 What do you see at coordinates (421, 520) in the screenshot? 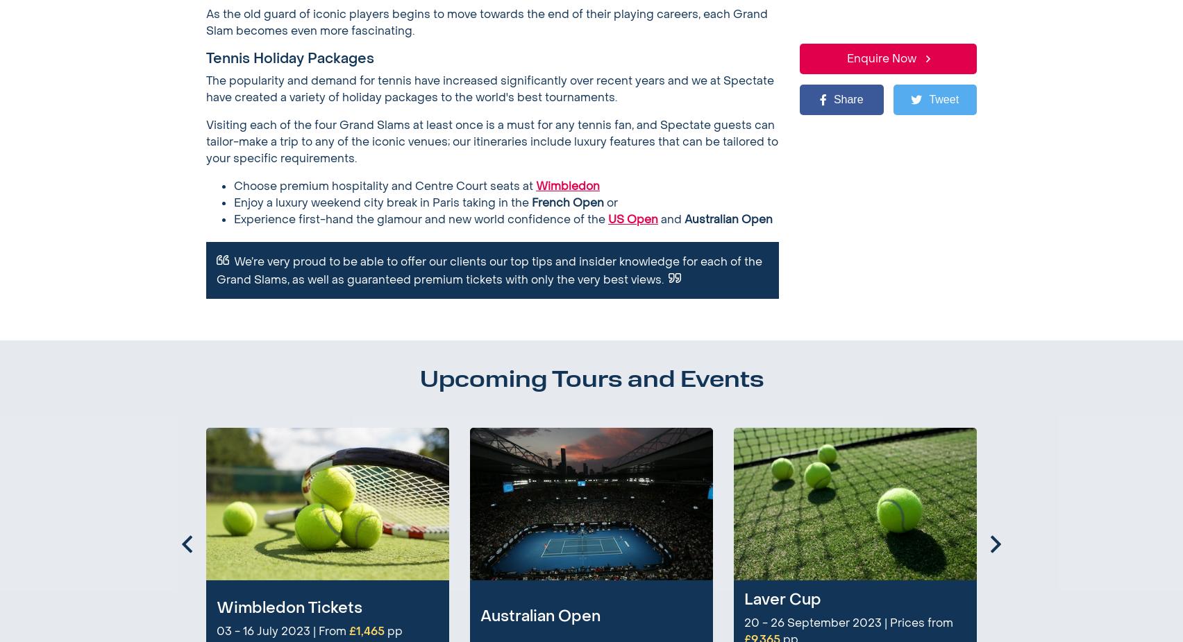
I see `'to our newsletter'` at bounding box center [421, 520].